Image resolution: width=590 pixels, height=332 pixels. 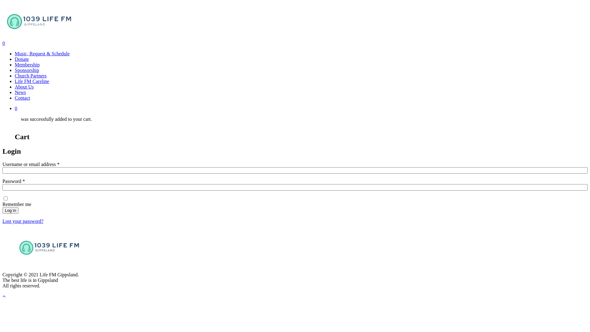 What do you see at coordinates (30, 75) in the screenshot?
I see `'Church Partners'` at bounding box center [30, 75].